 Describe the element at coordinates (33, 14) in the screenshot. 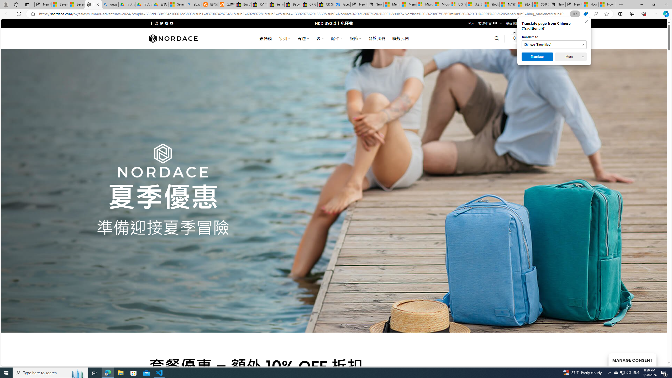

I see `'View site information'` at that location.